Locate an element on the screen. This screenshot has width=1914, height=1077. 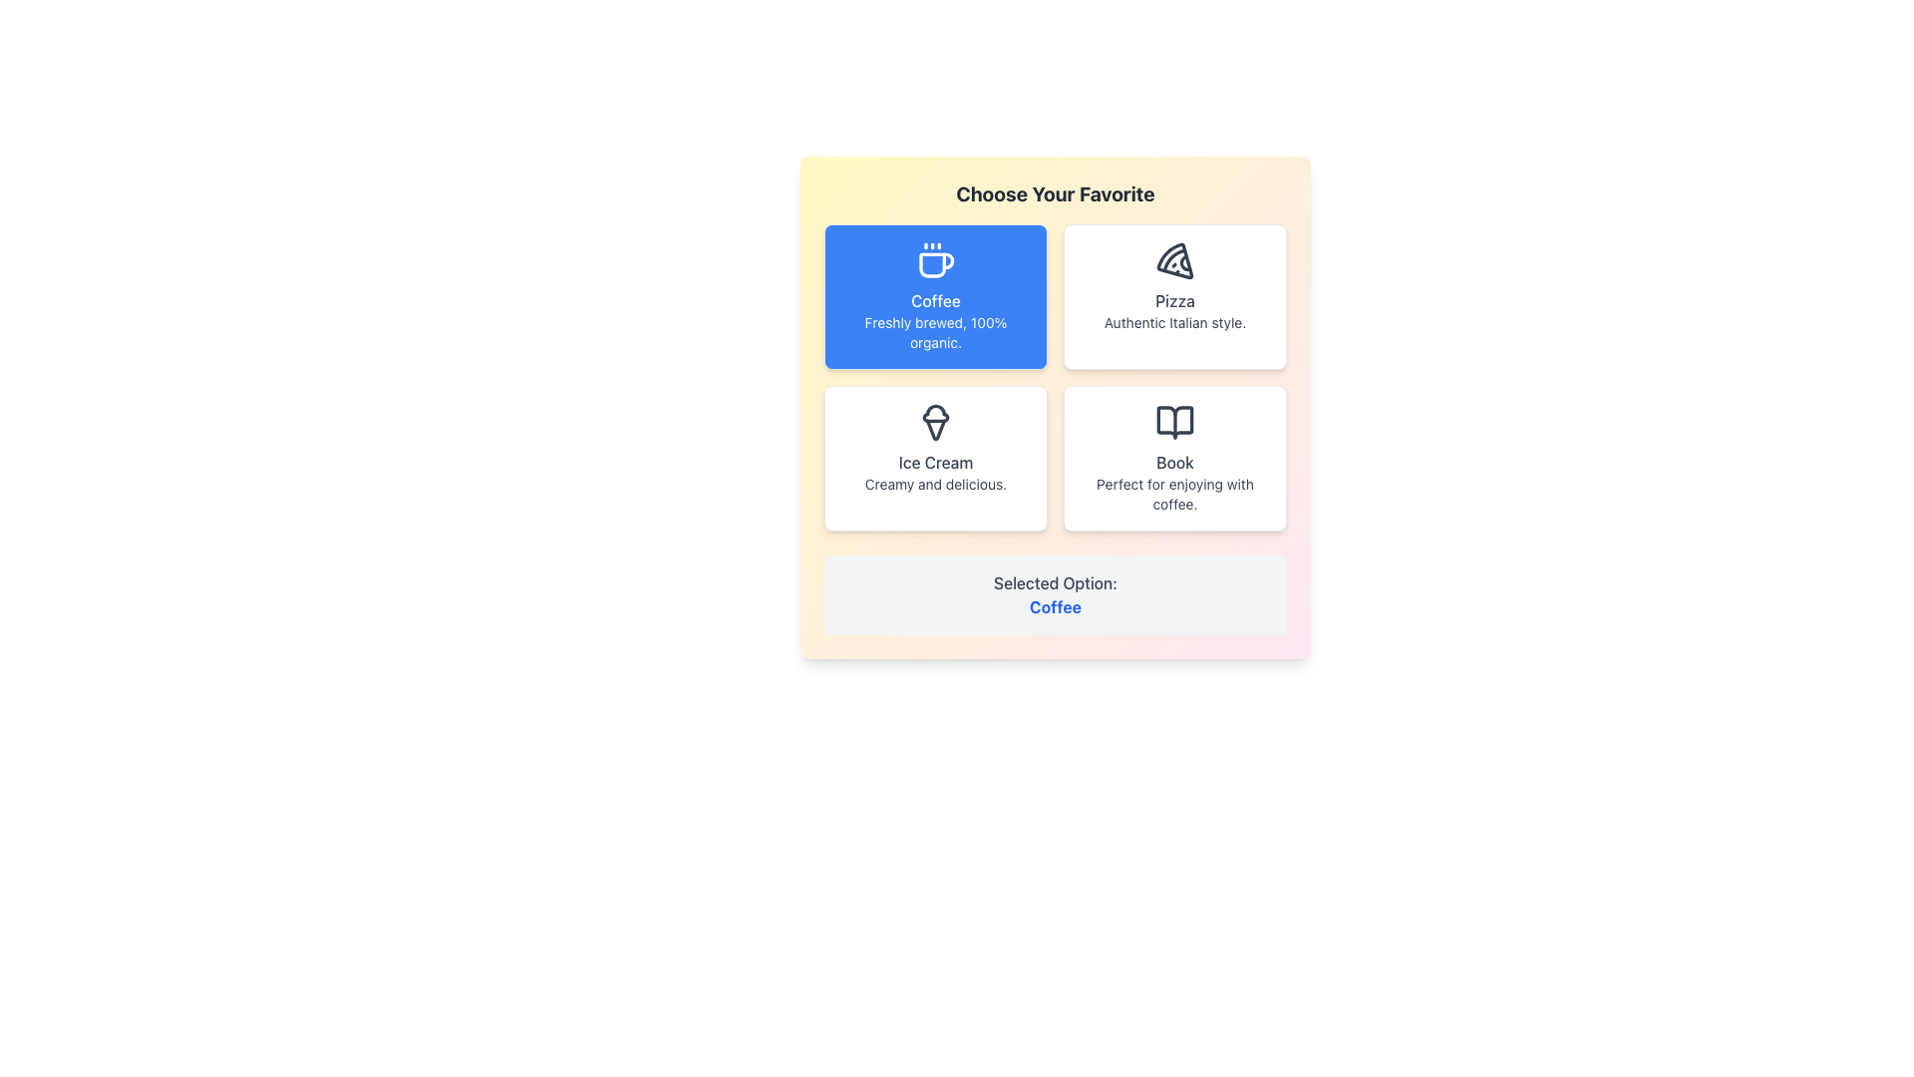
the graphical icon resembling an open book with two symmetric pages located in the fourth card labeled 'Book' within the 'Choose Your Favorite' interface section is located at coordinates (1175, 422).